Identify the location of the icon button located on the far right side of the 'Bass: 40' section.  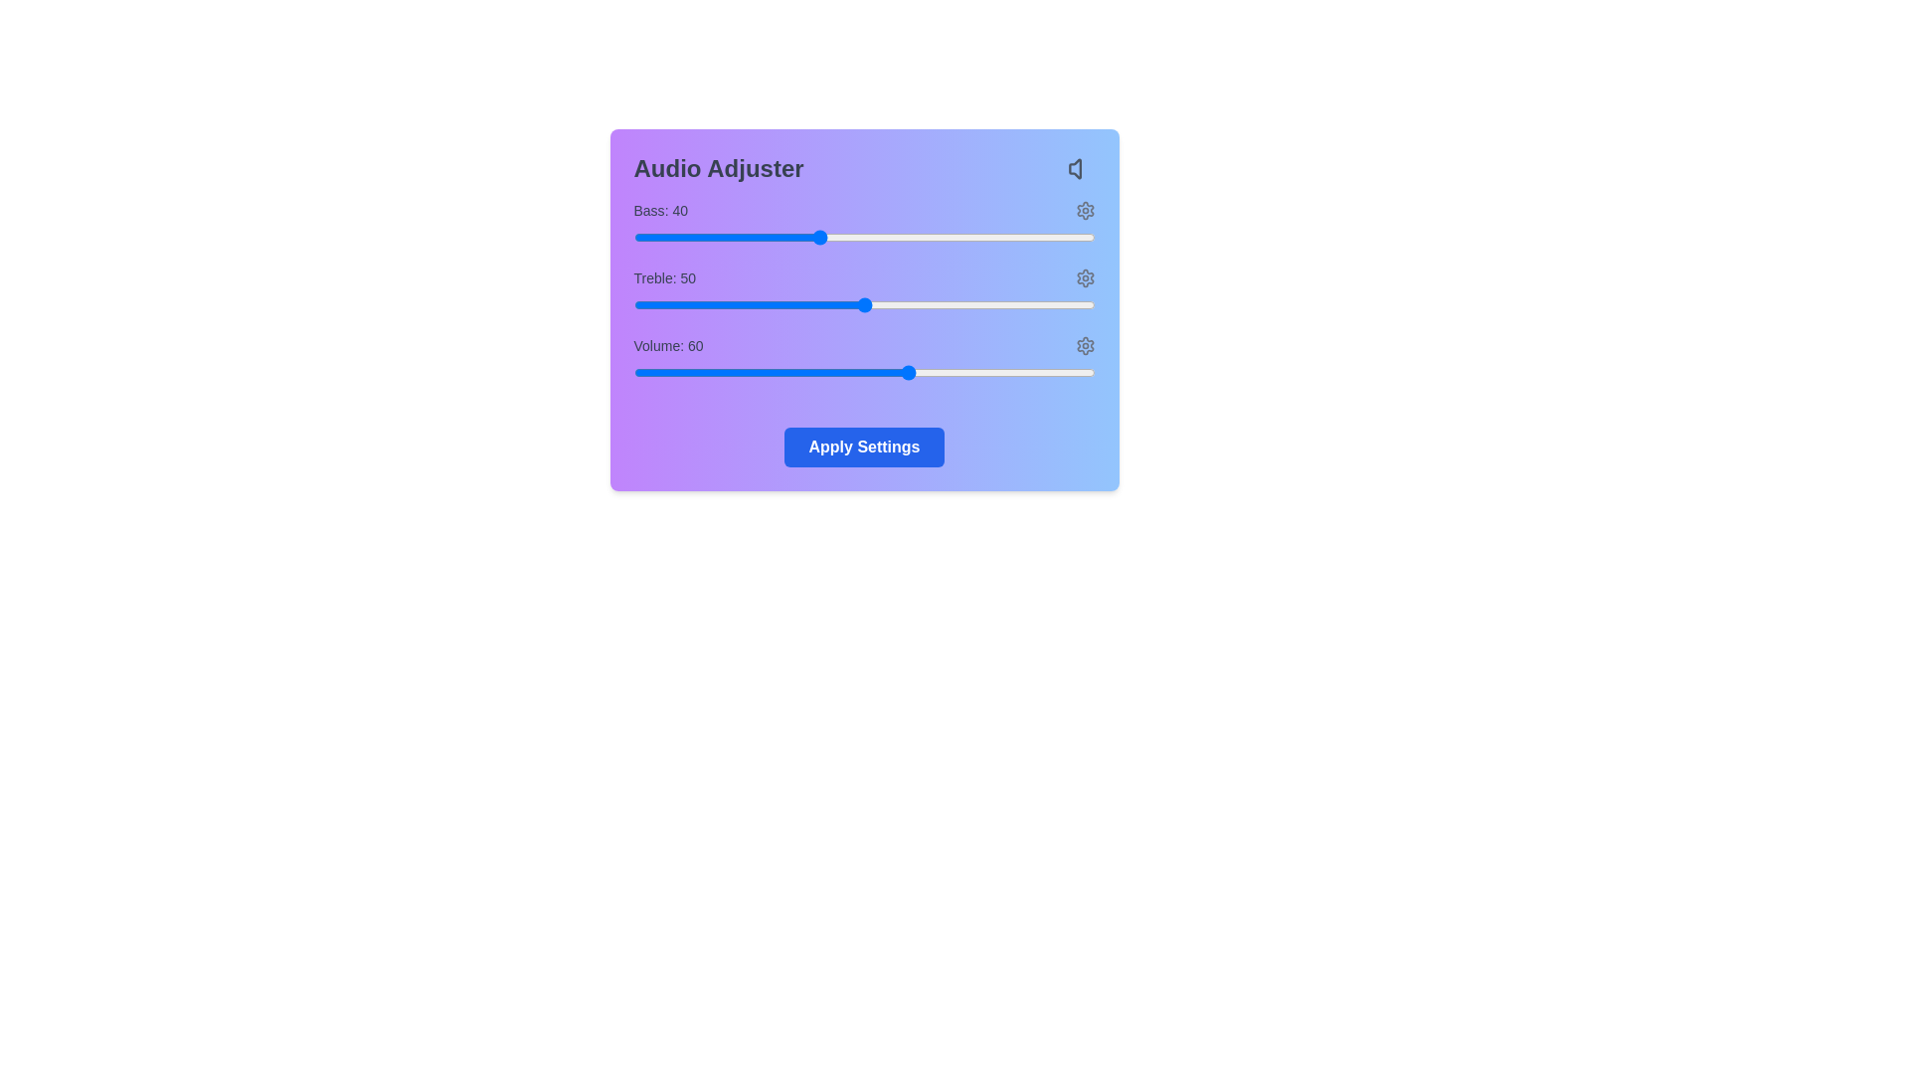
(1084, 211).